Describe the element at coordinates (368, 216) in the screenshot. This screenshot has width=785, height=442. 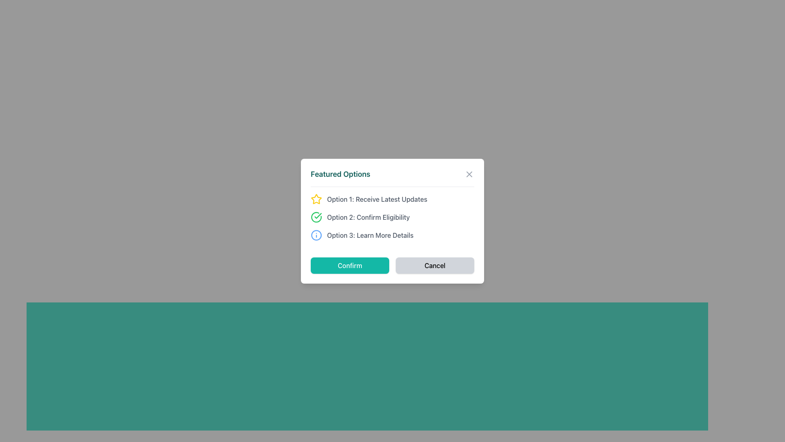
I see `the static text label indicating the second option related to confirming eligibility, located inside the modal window under 'Featured Options'` at that location.